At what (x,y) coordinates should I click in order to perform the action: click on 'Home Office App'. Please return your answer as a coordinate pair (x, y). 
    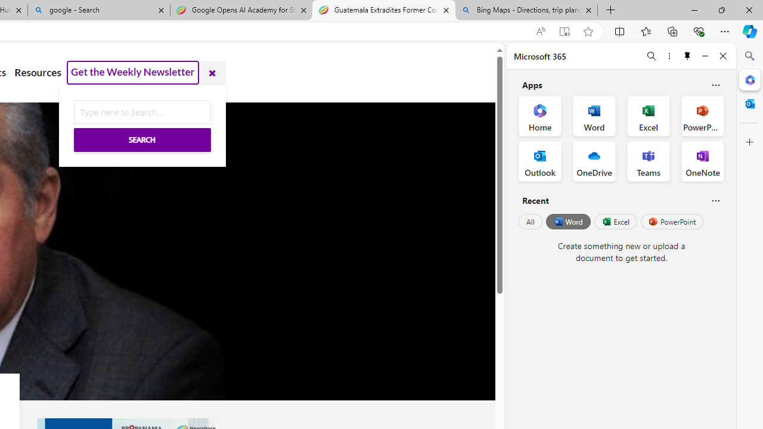
    Looking at the image, I should click on (539, 116).